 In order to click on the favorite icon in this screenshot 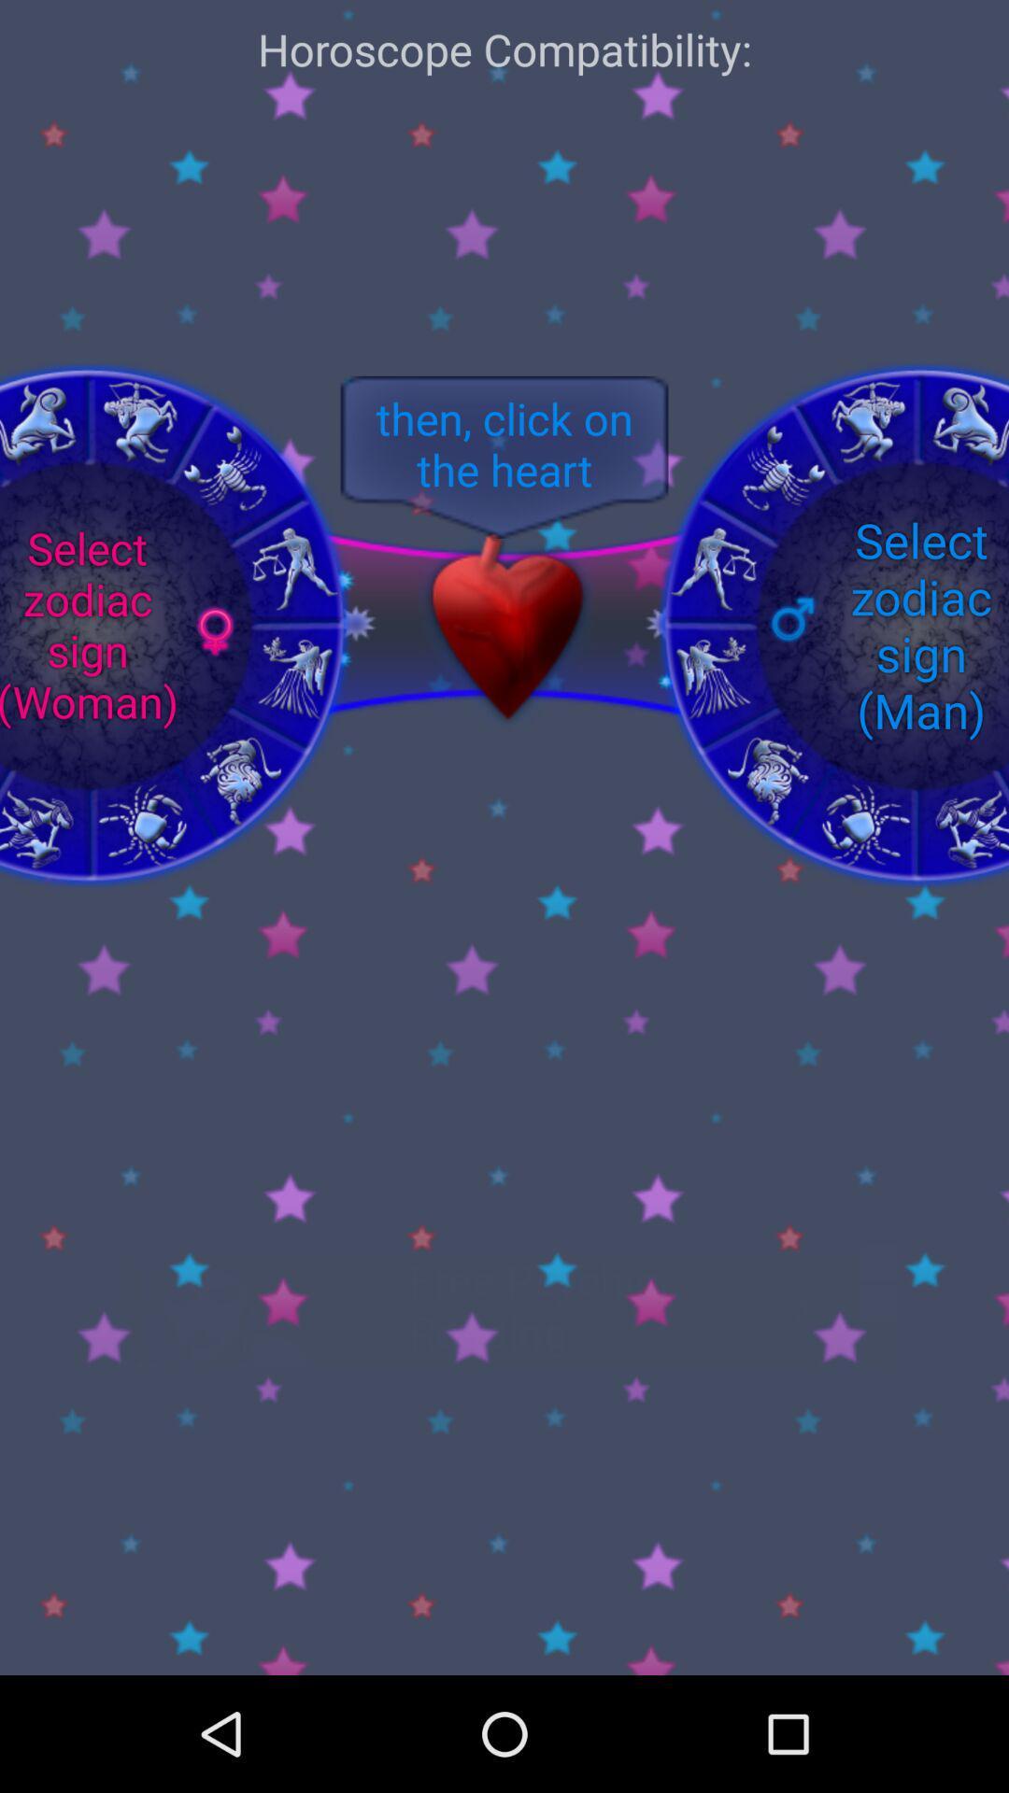, I will do `click(503, 669)`.